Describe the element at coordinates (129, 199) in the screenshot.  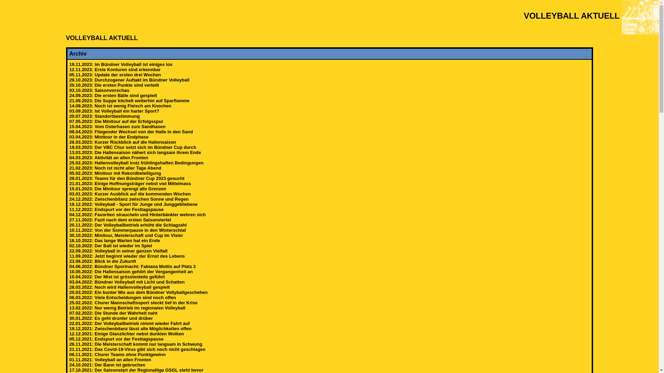
I see `'24.12.2022: Zwischenbilanz zwischen Sonne und Regen'` at that location.